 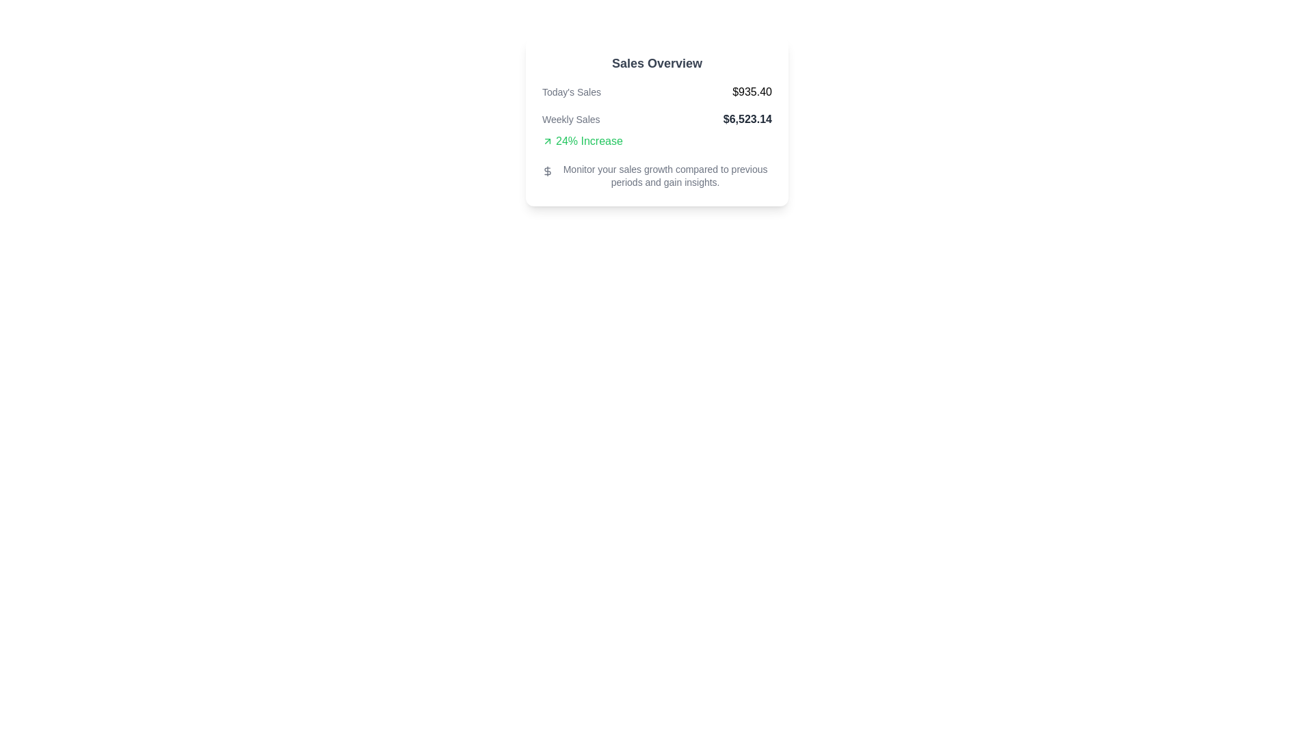 What do you see at coordinates (571, 118) in the screenshot?
I see `the 'Weekly Sales' text label, which is styled in a small gray font and positioned to the left of the value '$6,523.14' within the 'Sales Overview' card interface` at bounding box center [571, 118].